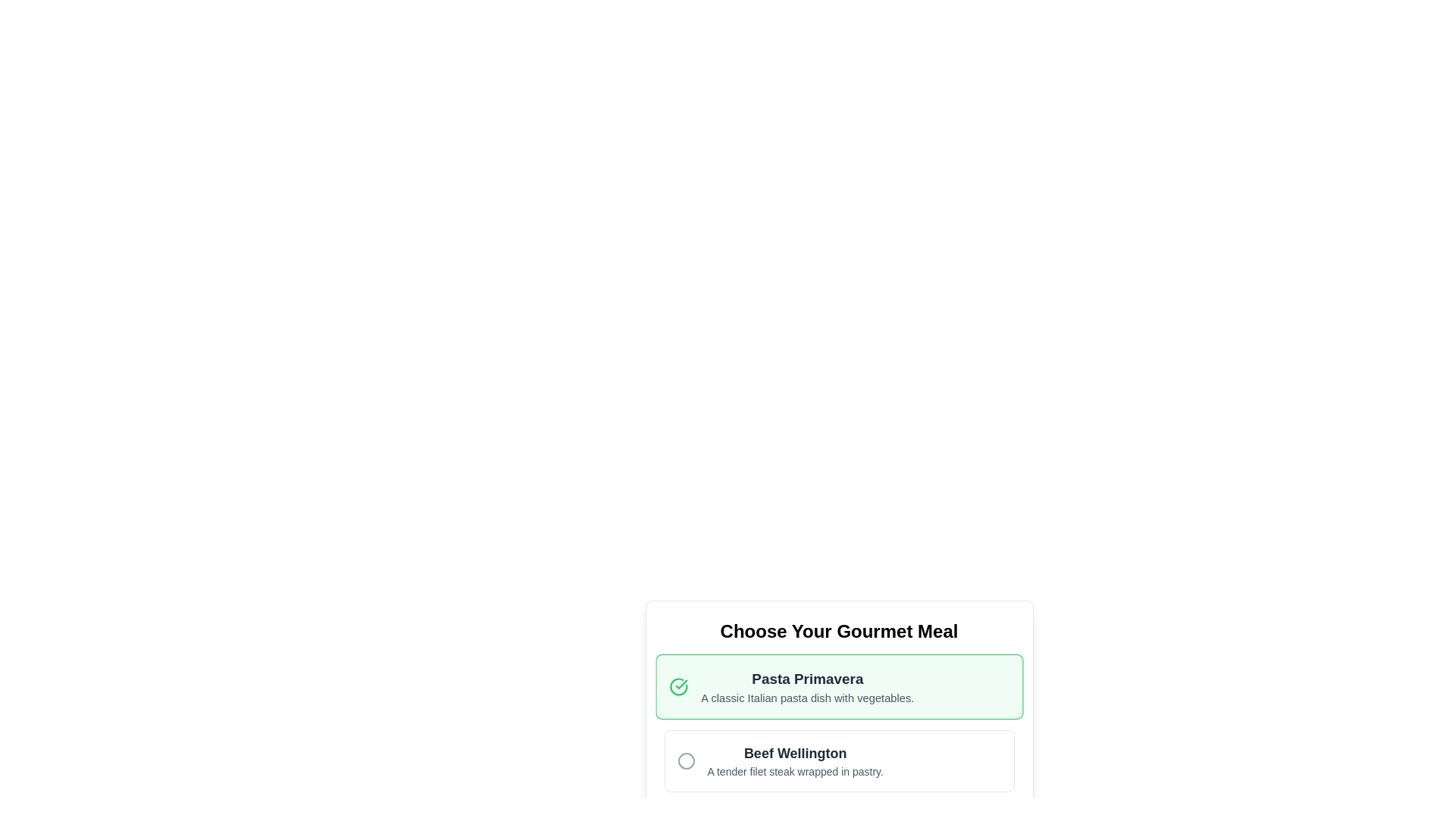  I want to click on the text label 'Beef Wellington', which is styled with a larger font size and bold, located in the second option block above the descriptive text 'A tender filet steak wrapped in pastry', so click(794, 754).